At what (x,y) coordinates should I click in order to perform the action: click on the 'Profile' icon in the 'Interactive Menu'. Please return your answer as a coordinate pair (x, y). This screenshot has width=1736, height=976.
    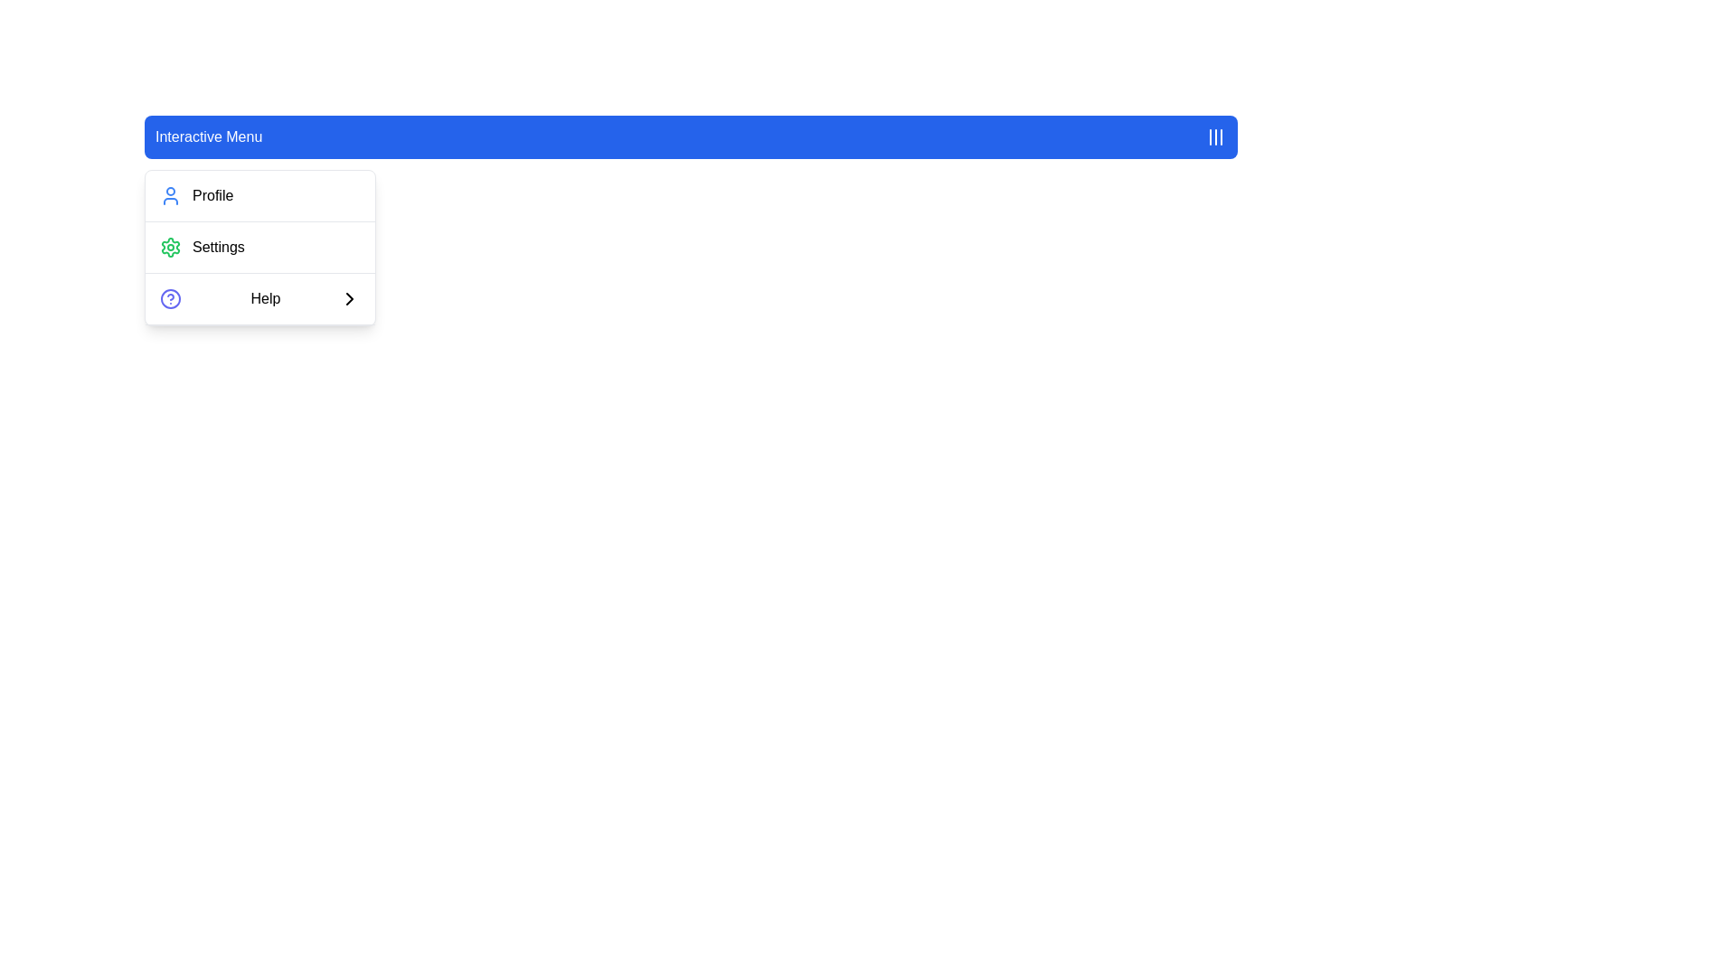
    Looking at the image, I should click on (170, 195).